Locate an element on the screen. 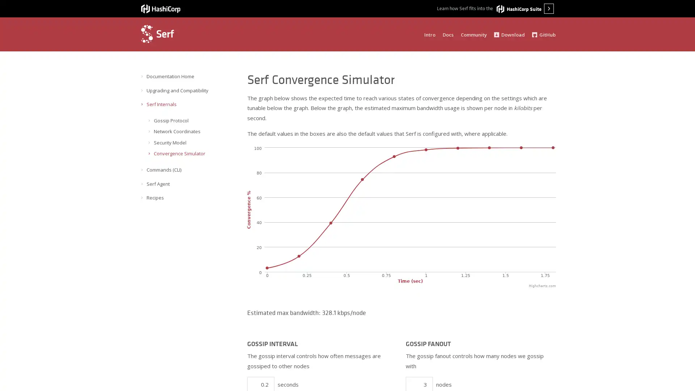  HashiCorp Logo HashiCorp Suite Open is located at coordinates (525, 8).